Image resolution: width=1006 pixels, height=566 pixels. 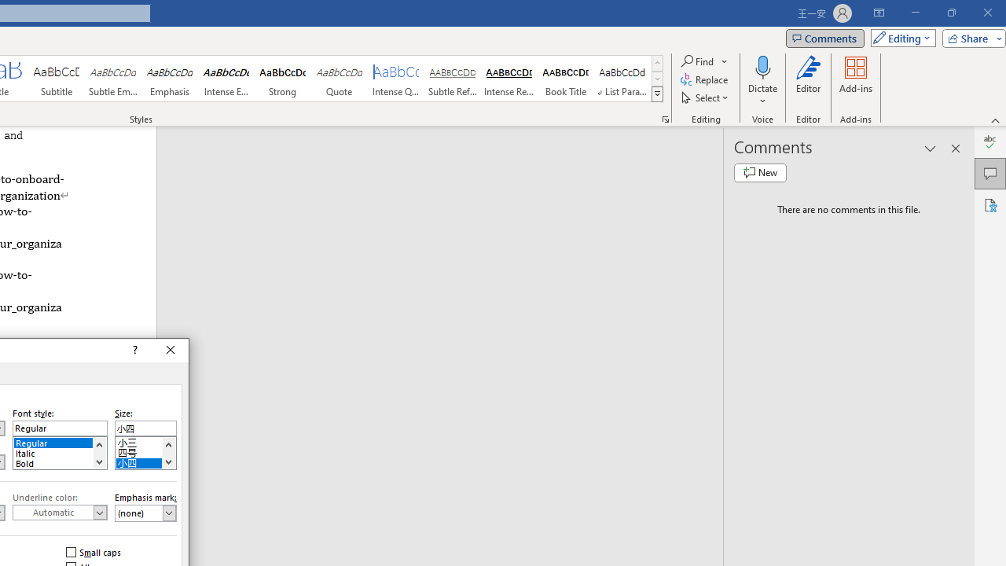 What do you see at coordinates (950, 13) in the screenshot?
I see `'Restore Down'` at bounding box center [950, 13].